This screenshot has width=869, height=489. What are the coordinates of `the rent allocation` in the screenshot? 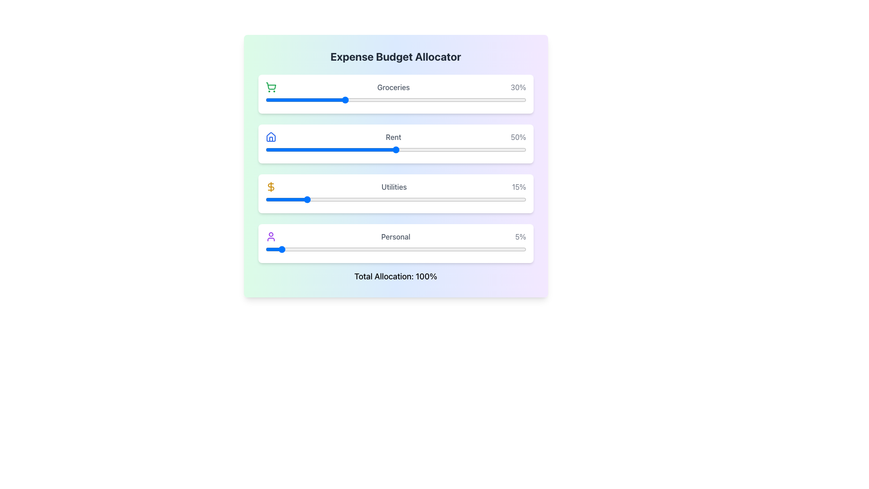 It's located at (335, 149).